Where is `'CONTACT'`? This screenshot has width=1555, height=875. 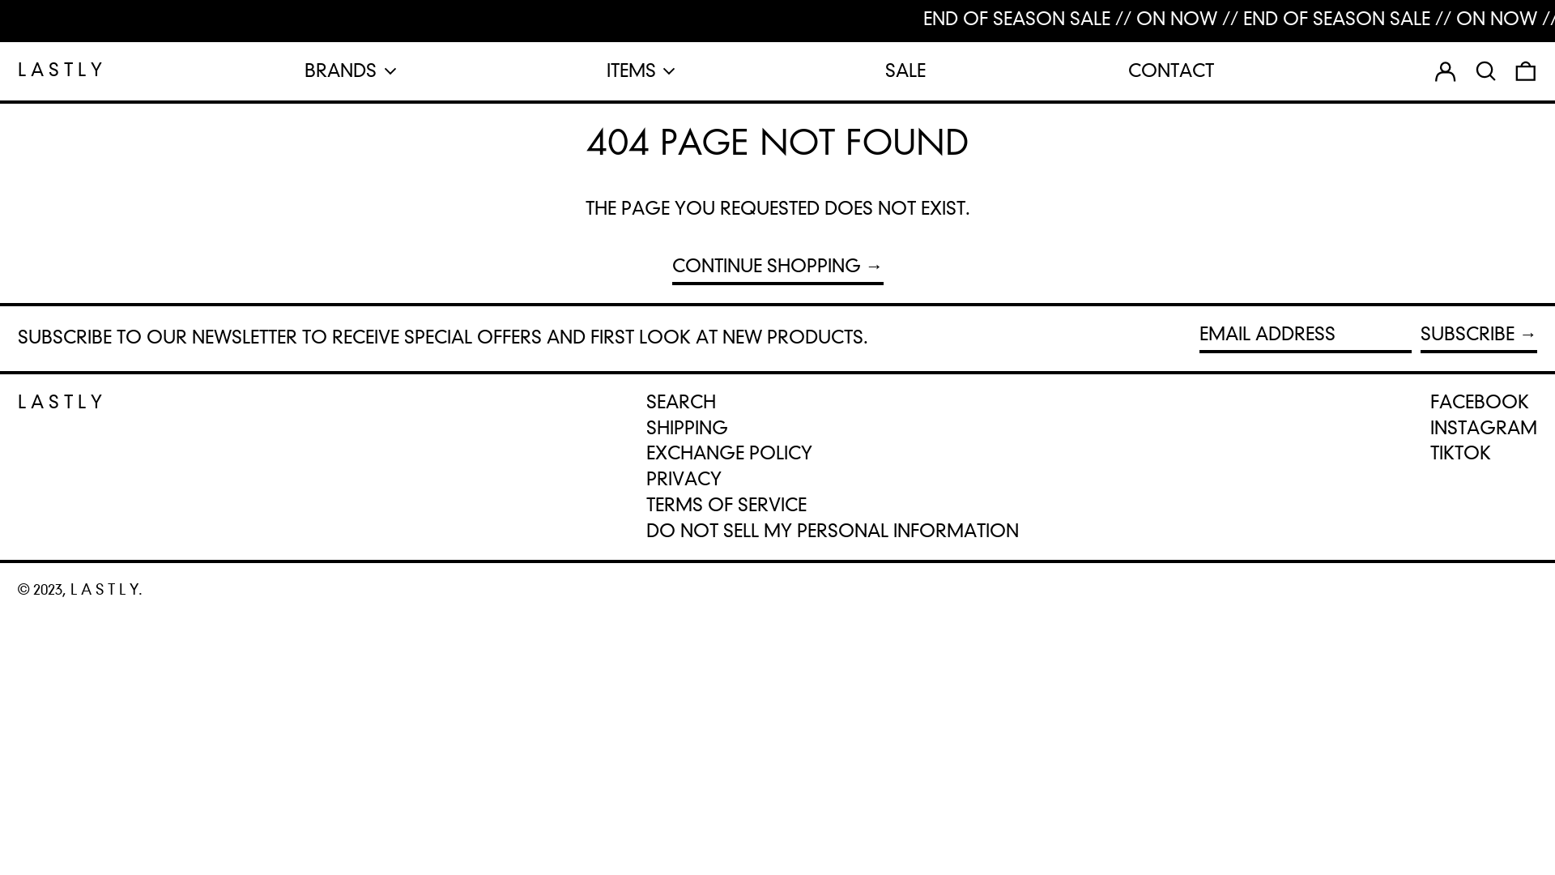
'CONTACT' is located at coordinates (1170, 70).